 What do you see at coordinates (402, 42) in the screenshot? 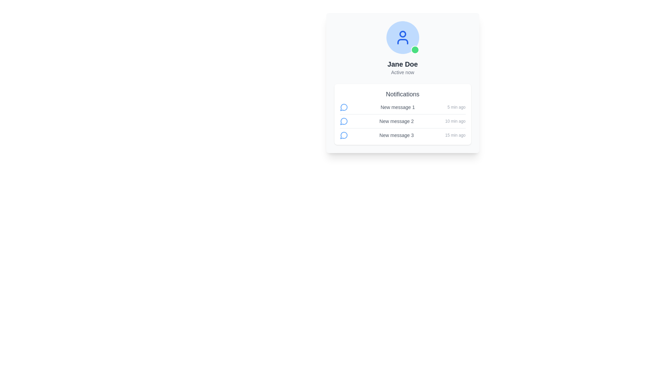
I see `the blue curved line representing the lower half of a user icon in the profile image, positioned near the top center of the user profile card` at bounding box center [402, 42].